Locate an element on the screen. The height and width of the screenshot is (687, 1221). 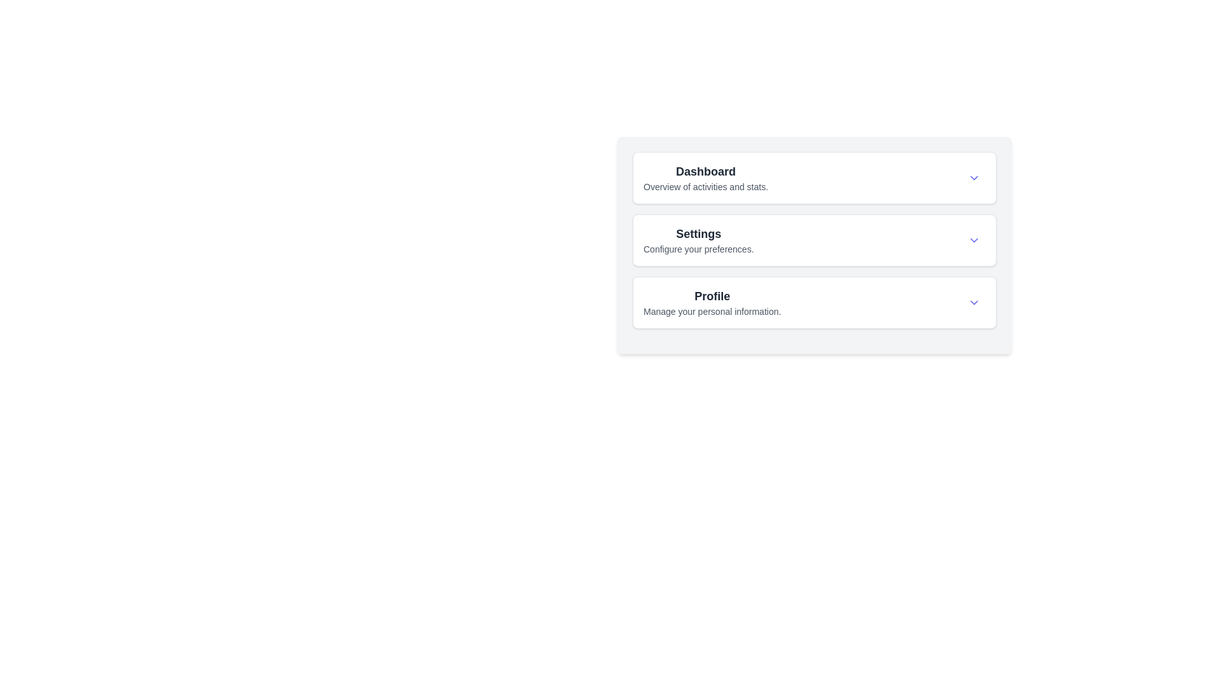
text label that says 'Manage your personal information.' which is styled in a small, gray font and located below the heading 'Profile' is located at coordinates (712, 311).